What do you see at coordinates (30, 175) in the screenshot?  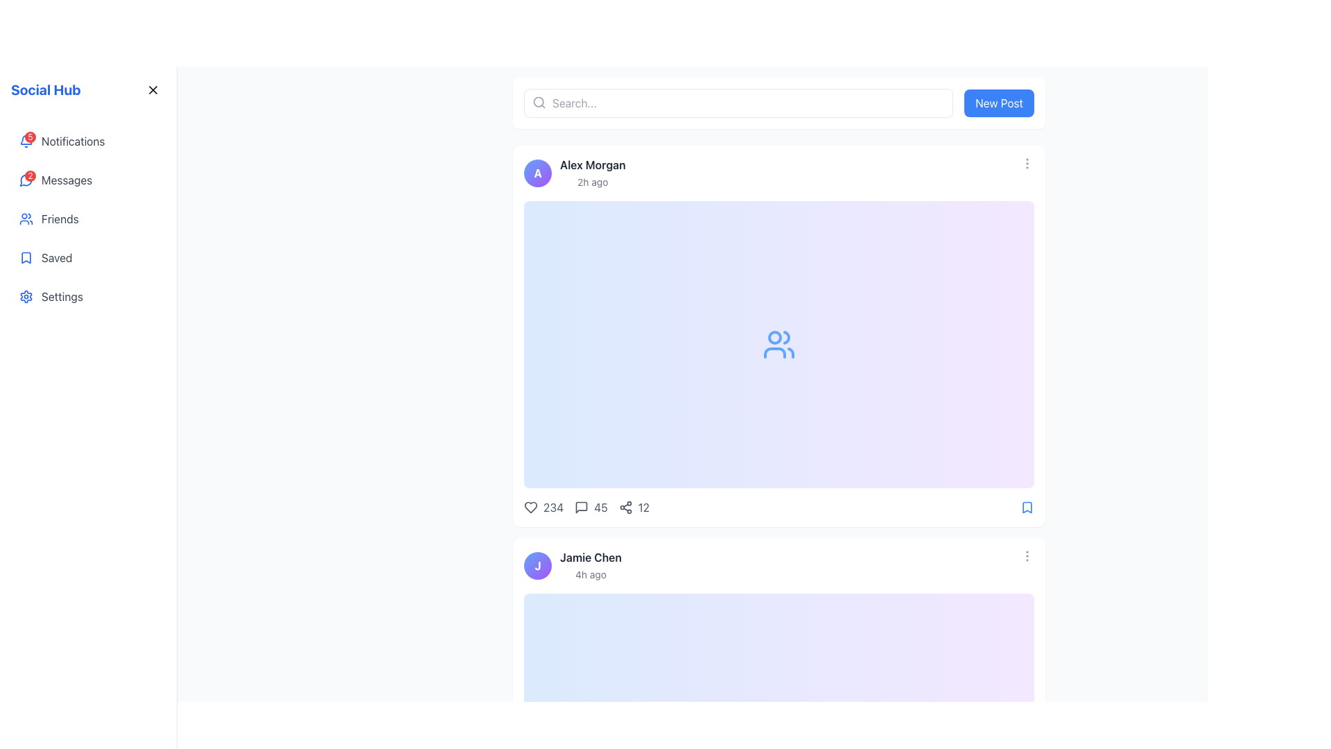 I see `the notification count displayed on the Notification Badge located at the top-right corner of the Messages menu, which indicates two unread messages` at bounding box center [30, 175].